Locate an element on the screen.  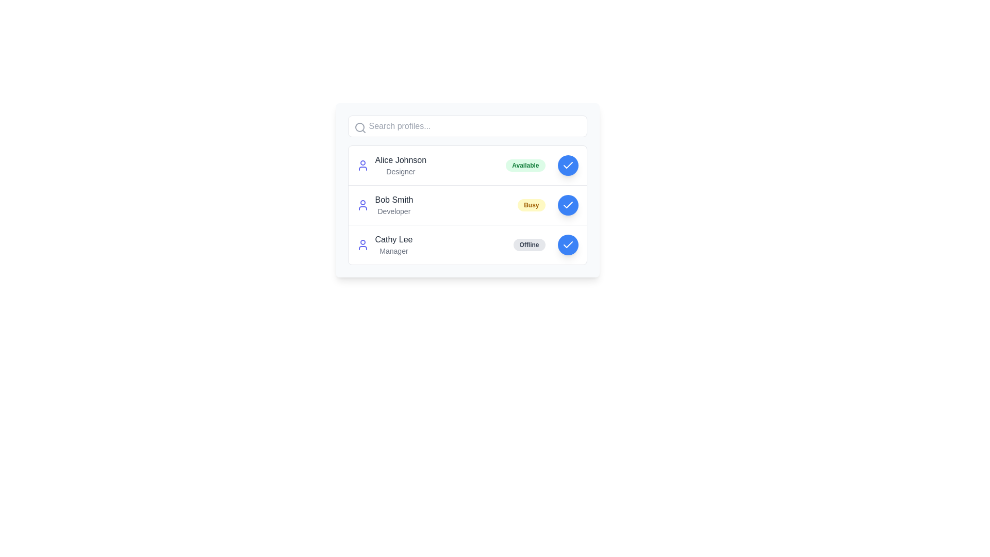
the checkmark icon within the circular blue button located to the right of Alice Johnson's profile details is located at coordinates (567, 165).